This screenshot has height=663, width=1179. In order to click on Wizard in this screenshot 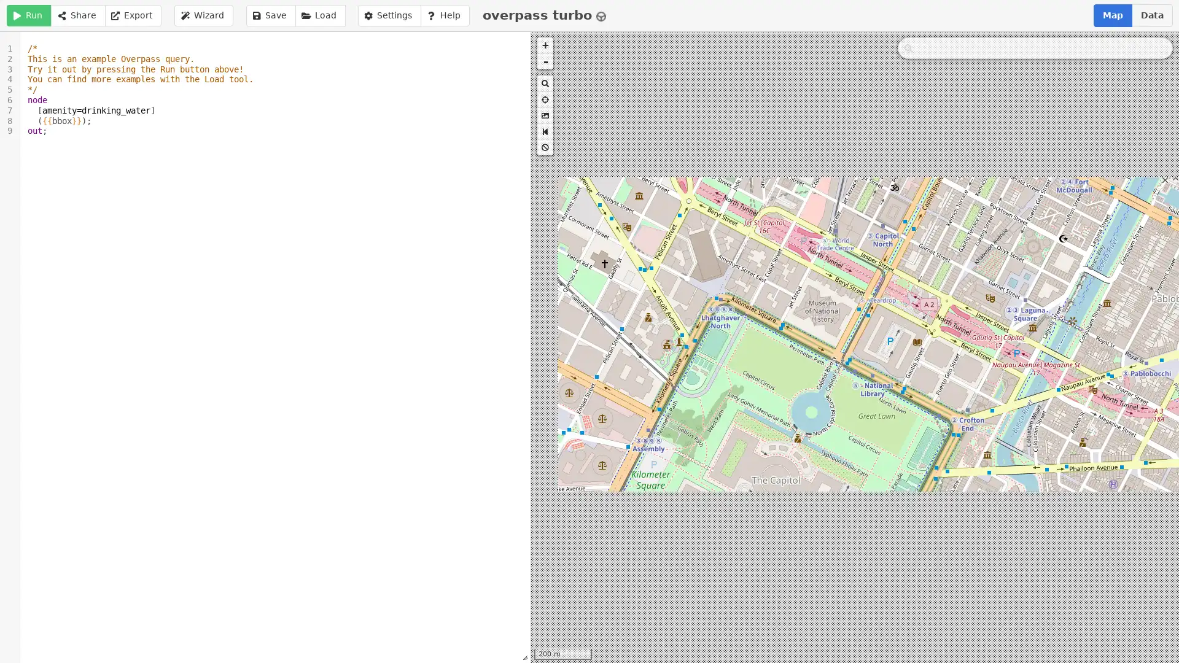, I will do `click(203, 15)`.